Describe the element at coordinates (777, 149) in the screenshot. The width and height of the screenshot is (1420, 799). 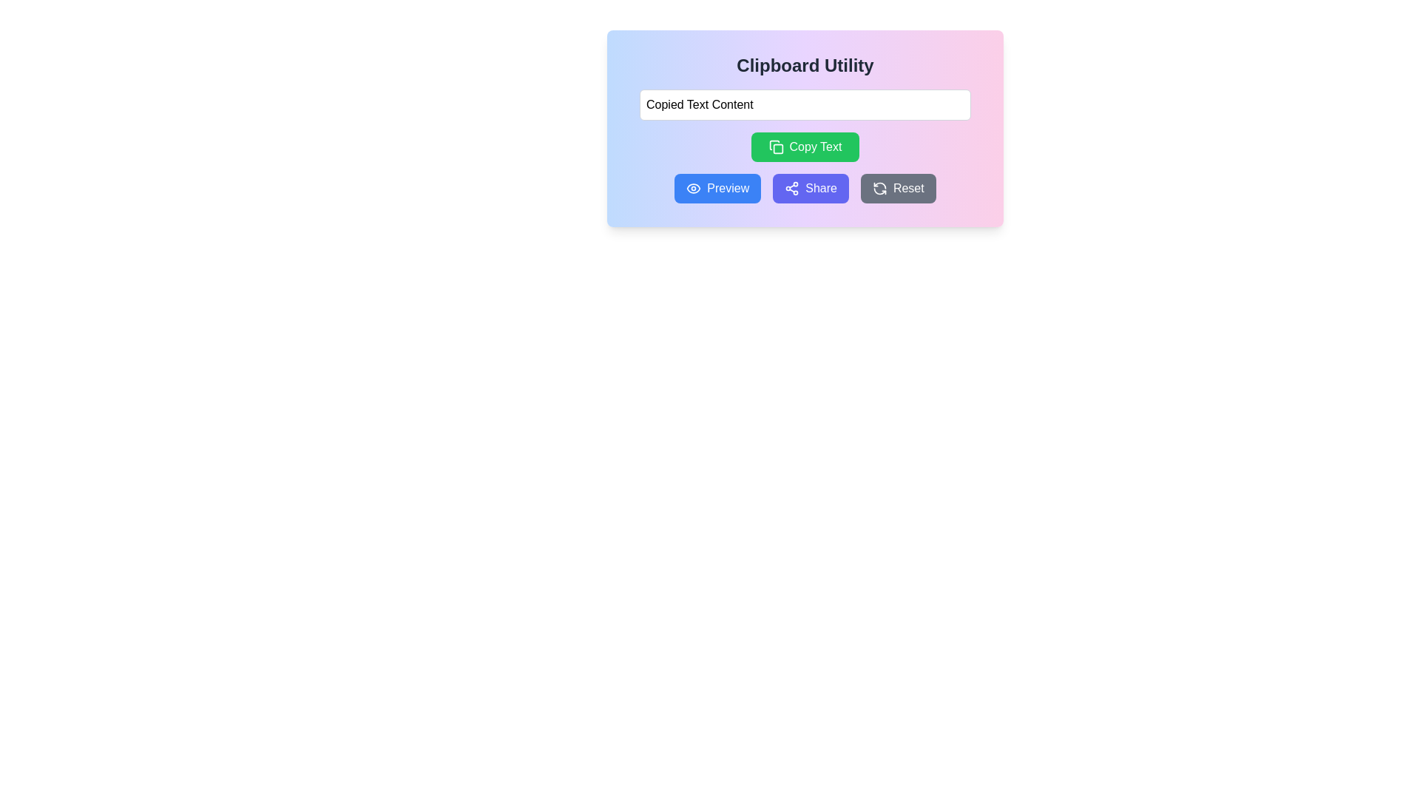
I see `the graphical icon component that is part of the 'Copy Text' button, which is represented as a rectangle in the SVG structure` at that location.